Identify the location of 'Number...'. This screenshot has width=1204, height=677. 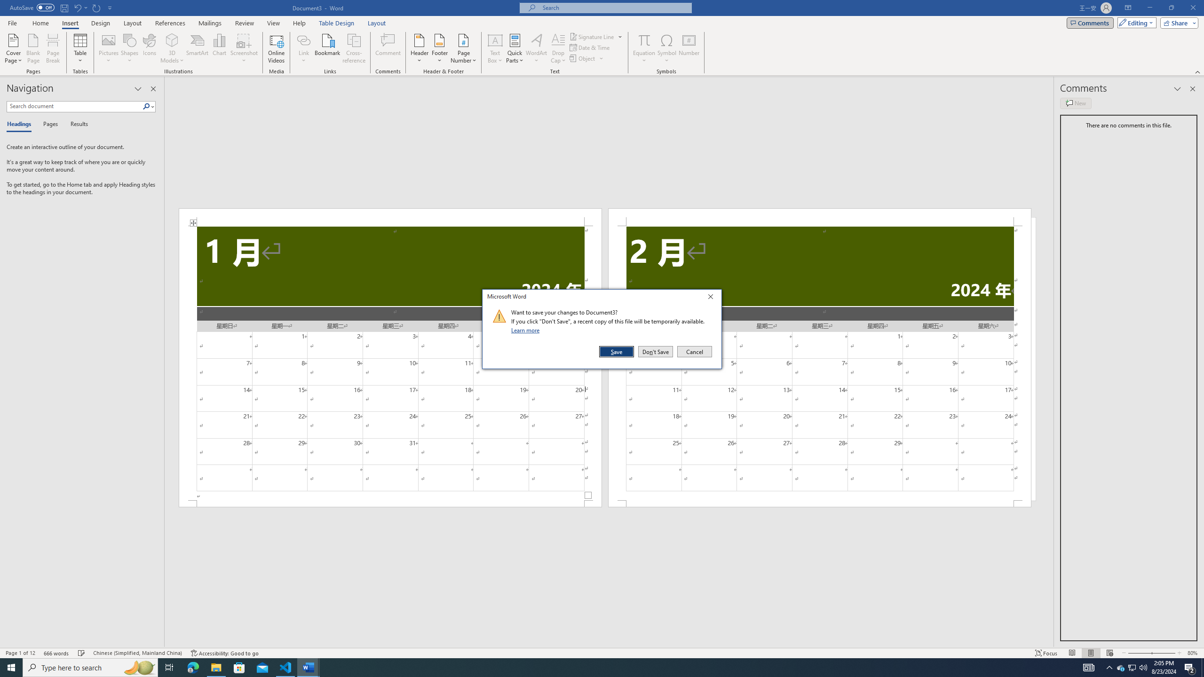
(689, 48).